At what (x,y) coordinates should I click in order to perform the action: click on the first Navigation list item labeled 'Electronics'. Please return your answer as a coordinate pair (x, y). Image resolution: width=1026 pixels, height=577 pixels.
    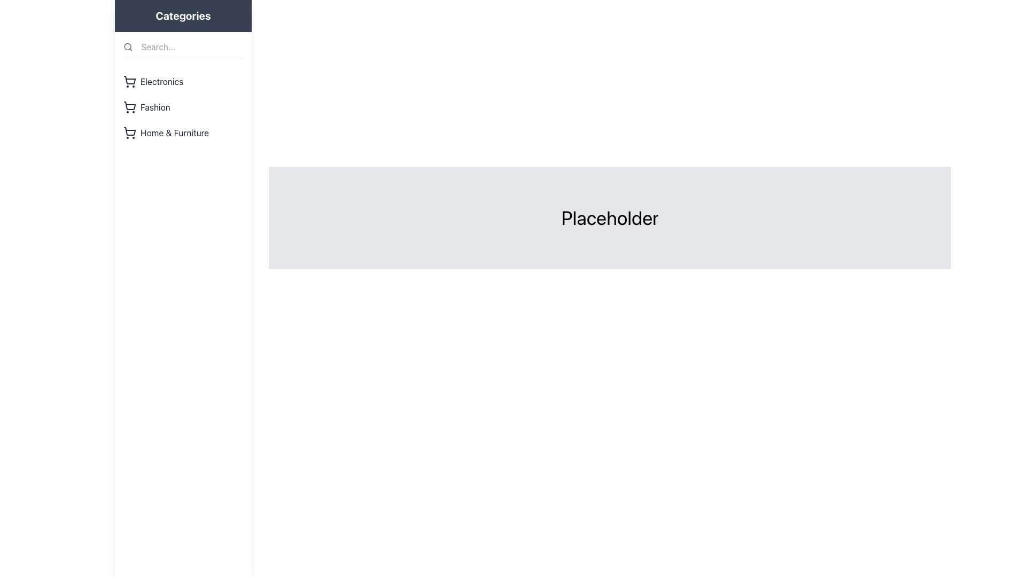
    Looking at the image, I should click on (183, 81).